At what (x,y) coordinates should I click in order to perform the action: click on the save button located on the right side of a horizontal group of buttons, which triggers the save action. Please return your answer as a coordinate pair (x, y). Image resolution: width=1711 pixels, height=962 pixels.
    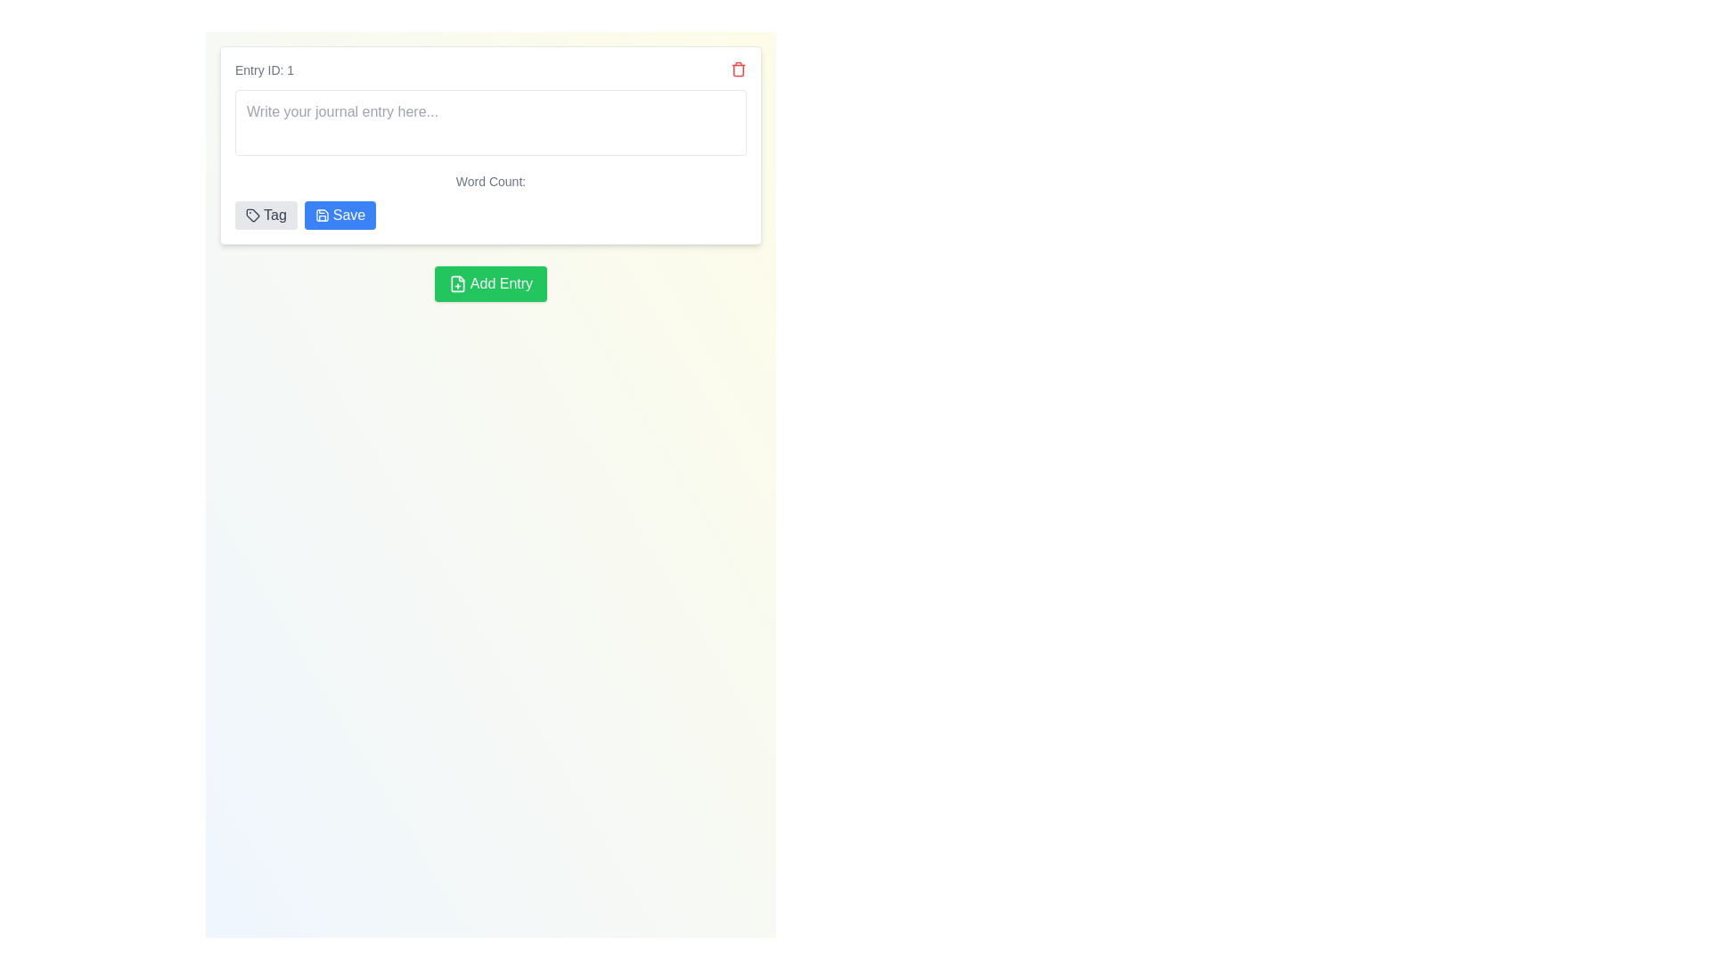
    Looking at the image, I should click on (340, 215).